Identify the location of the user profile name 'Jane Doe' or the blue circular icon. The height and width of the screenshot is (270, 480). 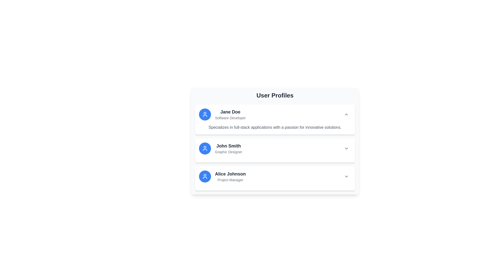
(222, 114).